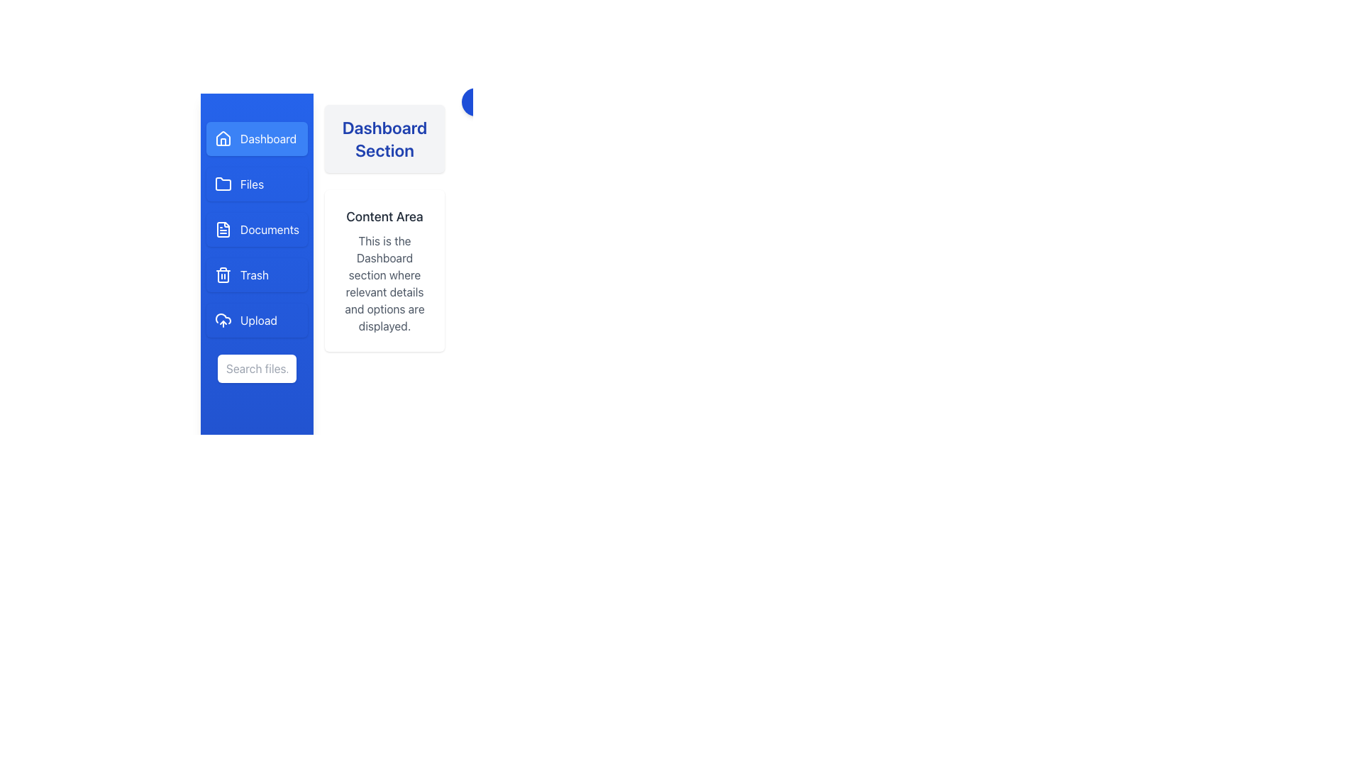 This screenshot has width=1362, height=766. Describe the element at coordinates (384, 216) in the screenshot. I see `the 'Content Area' text label, which is a bold, medium-sized label in dark gray color located at the top of a white, rounded rectangle card` at that location.